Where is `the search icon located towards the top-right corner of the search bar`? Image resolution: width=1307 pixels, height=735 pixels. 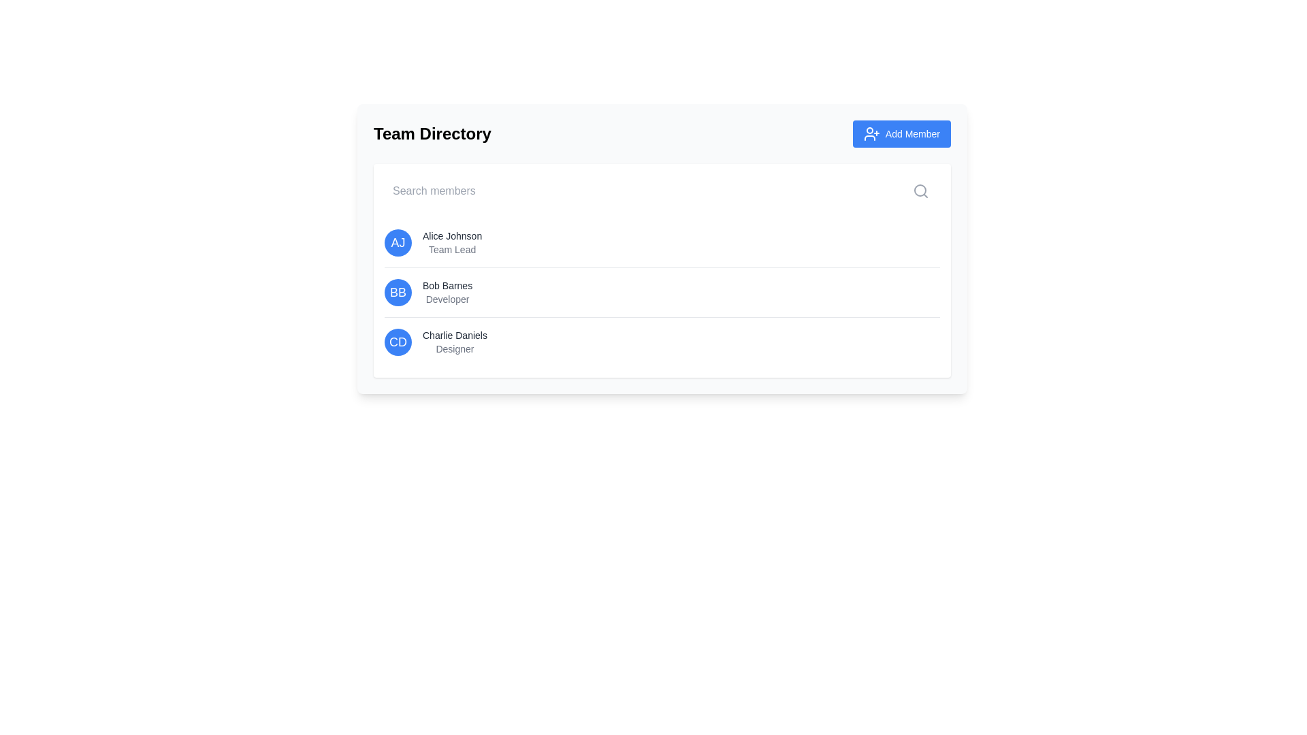
the search icon located towards the top-right corner of the search bar is located at coordinates (921, 191).